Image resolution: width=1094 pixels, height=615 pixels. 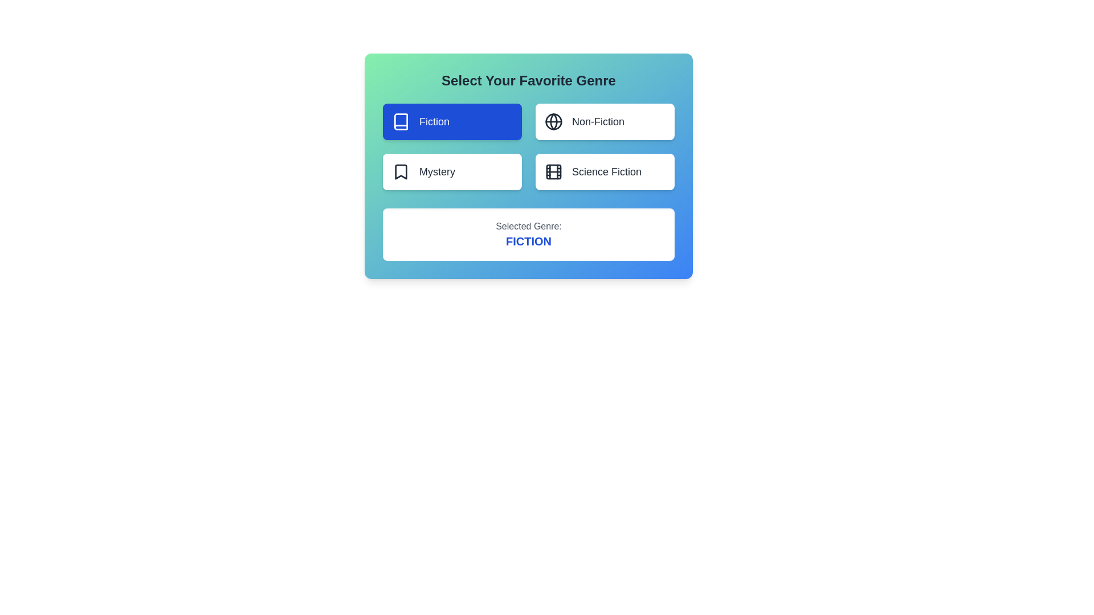 I want to click on the 'Selected Genre' text area to inspect the selected genre, so click(x=528, y=234).